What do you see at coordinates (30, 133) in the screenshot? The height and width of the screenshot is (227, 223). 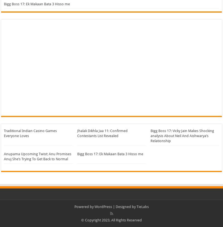 I see `'Traditional Indian Casino Games Everyone Loves'` at bounding box center [30, 133].